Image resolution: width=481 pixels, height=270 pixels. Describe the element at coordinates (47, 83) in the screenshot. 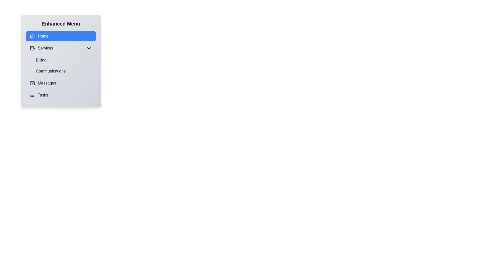

I see `'Messages' text label located in the vertical navigation menu, positioned to the right of the envelope icon` at that location.